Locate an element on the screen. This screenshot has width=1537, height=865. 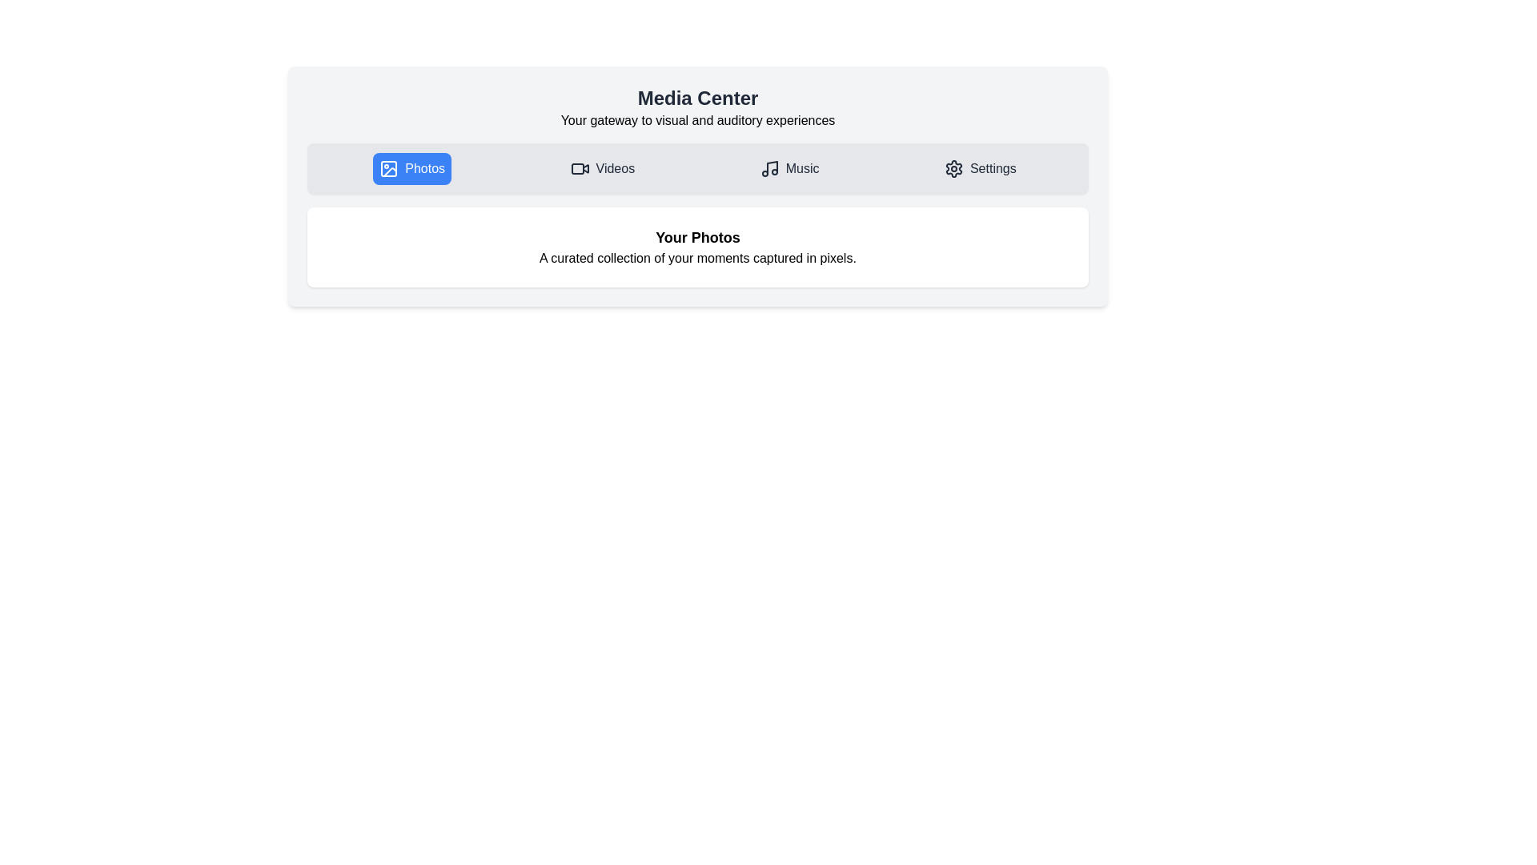
the musical note icon located in the horizontal navigation bar, positioned between the 'Videos' and 'Settings' icons is located at coordinates (772, 167).